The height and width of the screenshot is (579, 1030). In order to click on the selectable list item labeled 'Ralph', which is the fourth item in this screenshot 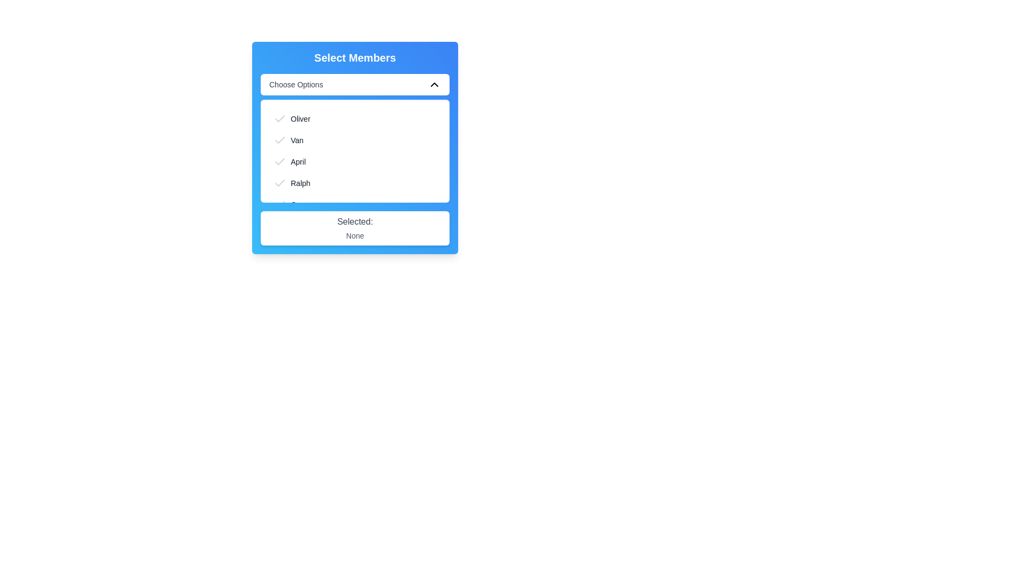, I will do `click(355, 183)`.